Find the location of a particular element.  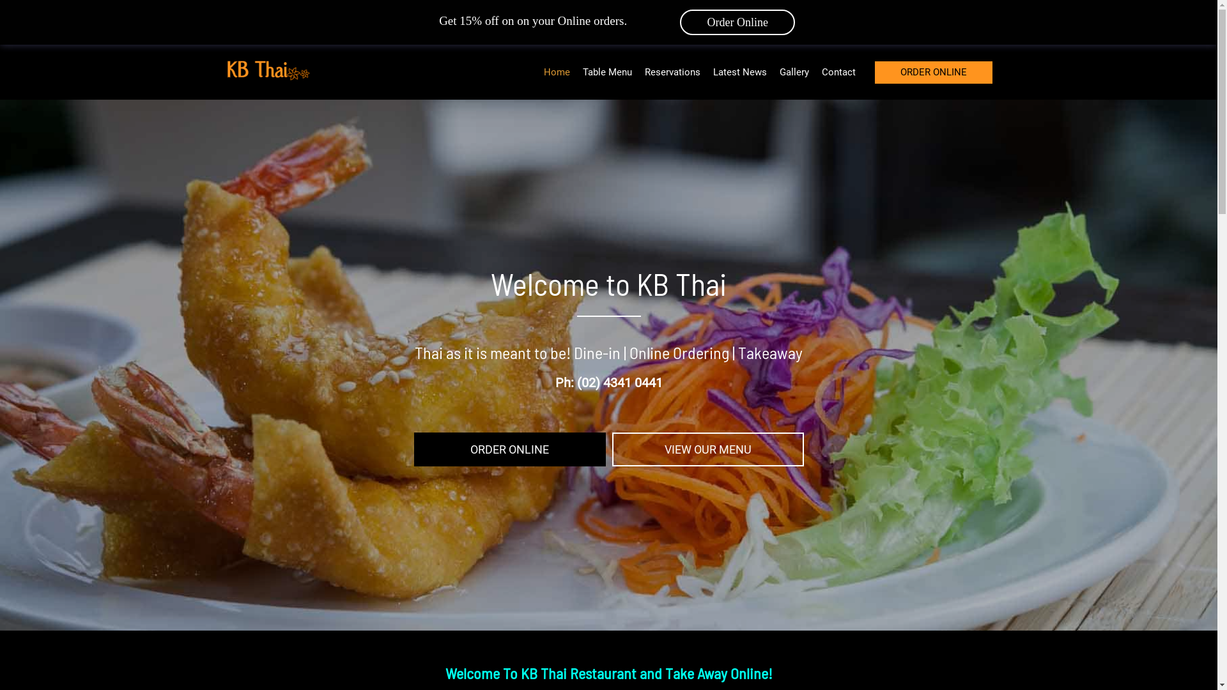

'VIEW OUR MENU' is located at coordinates (707, 449).